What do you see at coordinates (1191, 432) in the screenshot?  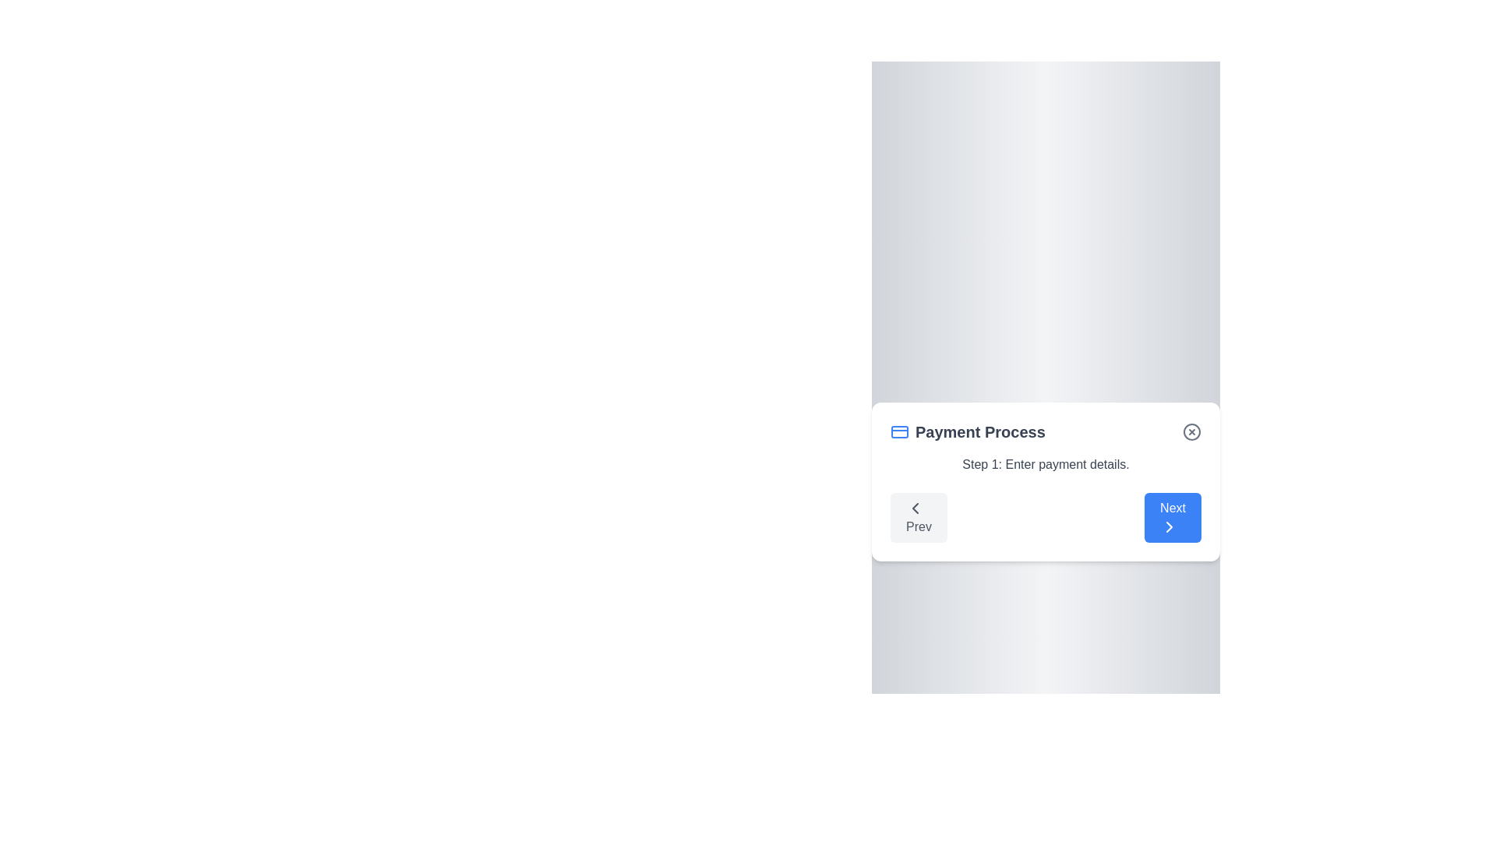 I see `the circular button with a gray border and a red 'X' symbol in the top-right corner of the 'Payment Process' section` at bounding box center [1191, 432].